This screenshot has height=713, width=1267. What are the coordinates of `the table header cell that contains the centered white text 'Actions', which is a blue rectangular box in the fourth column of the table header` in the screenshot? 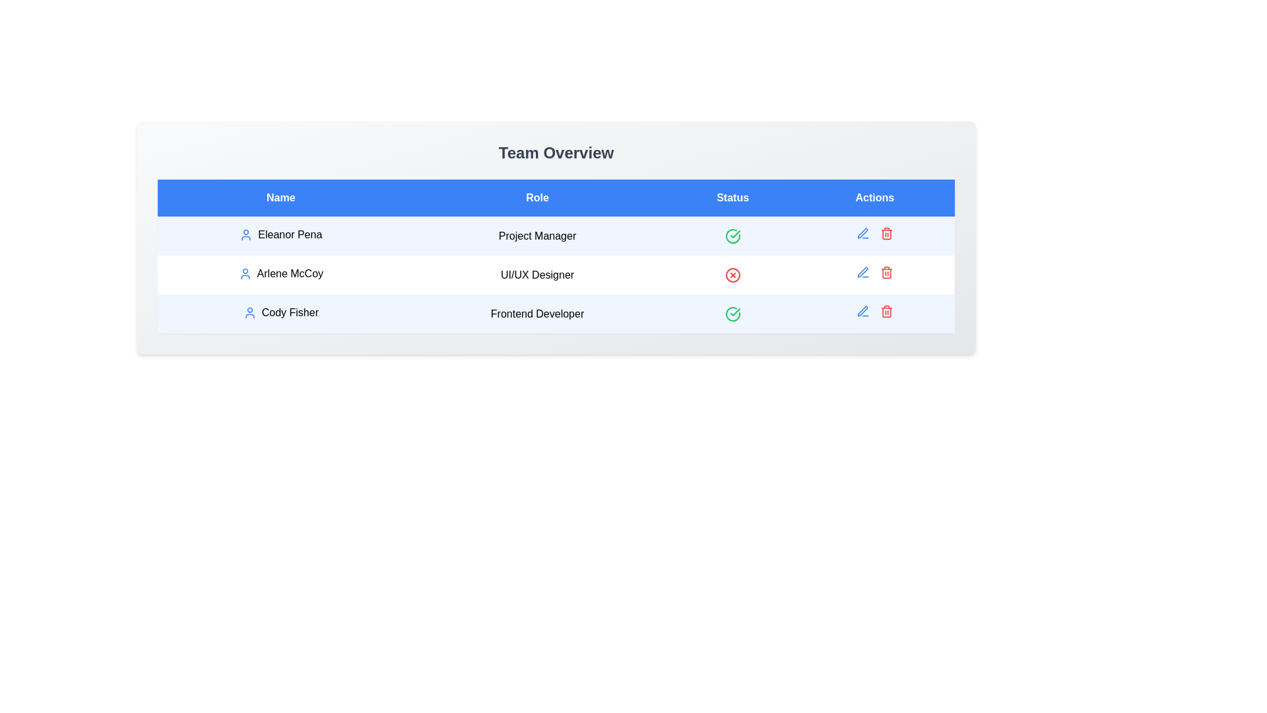 It's located at (874, 198).